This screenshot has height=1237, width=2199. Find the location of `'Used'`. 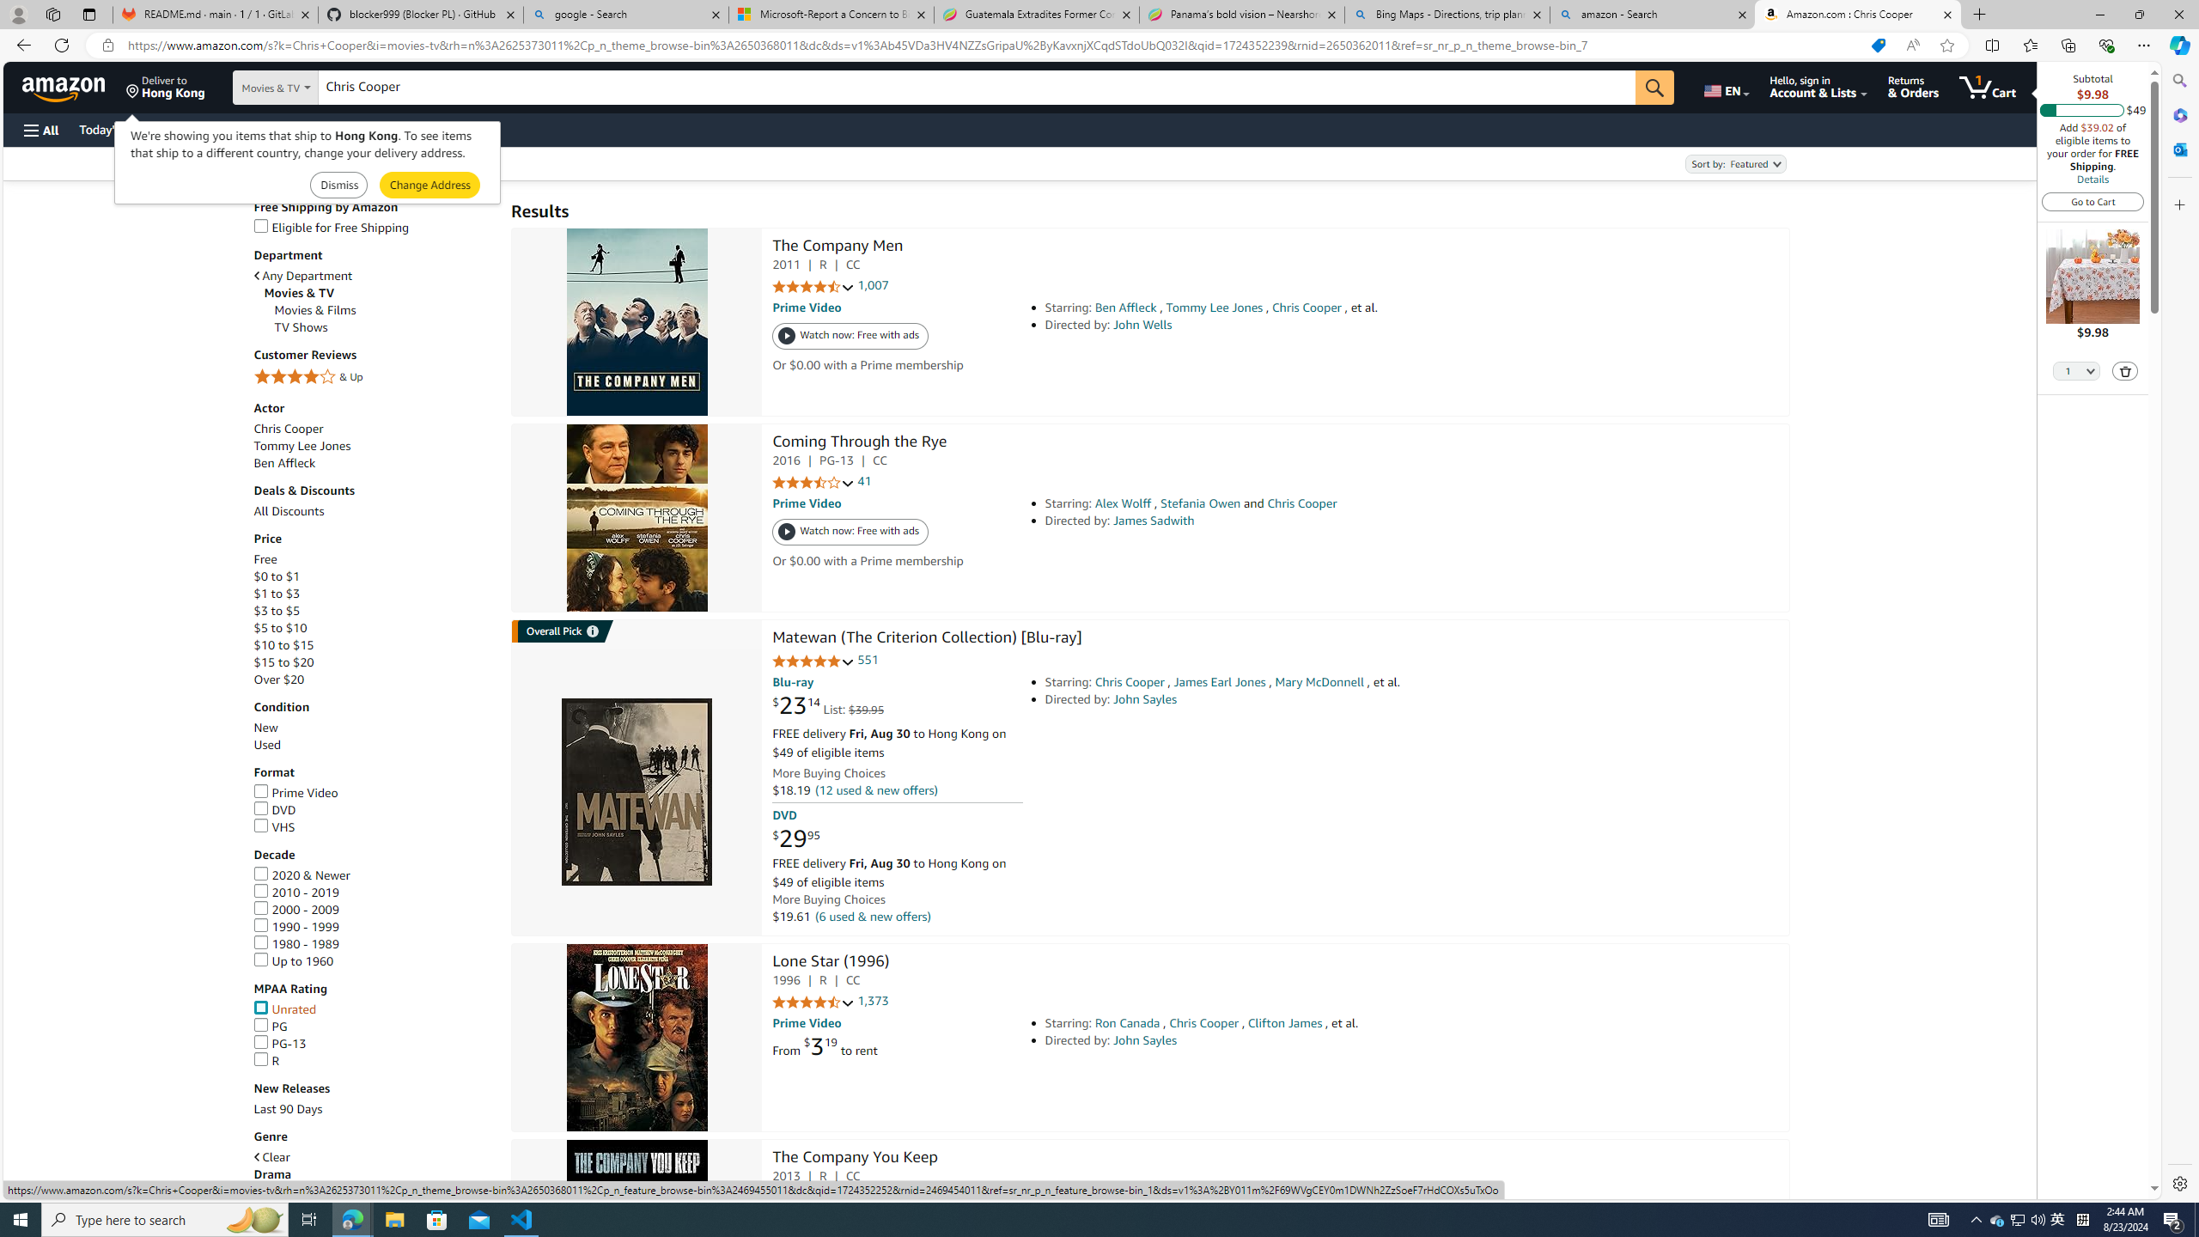

'Used' is located at coordinates (374, 744).